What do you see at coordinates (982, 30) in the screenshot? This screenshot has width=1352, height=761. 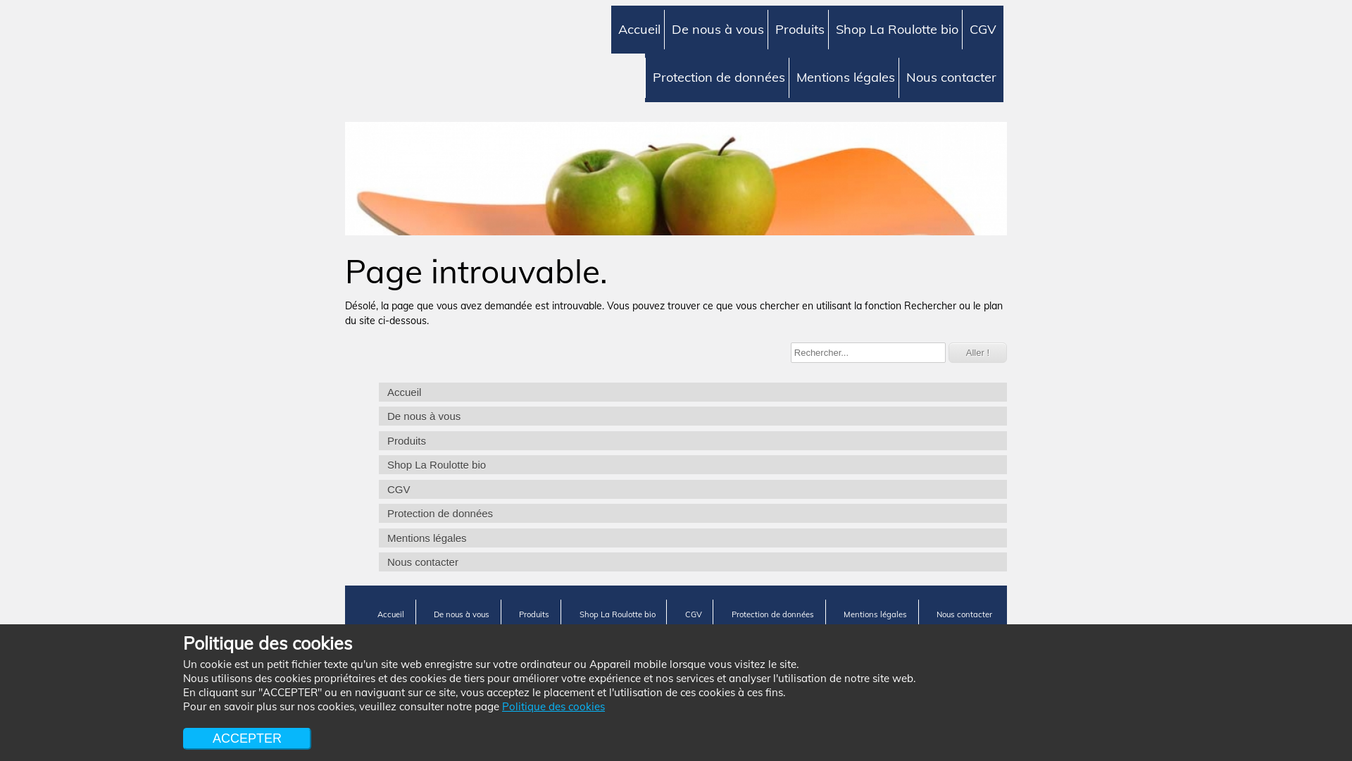 I see `'CGV'` at bounding box center [982, 30].